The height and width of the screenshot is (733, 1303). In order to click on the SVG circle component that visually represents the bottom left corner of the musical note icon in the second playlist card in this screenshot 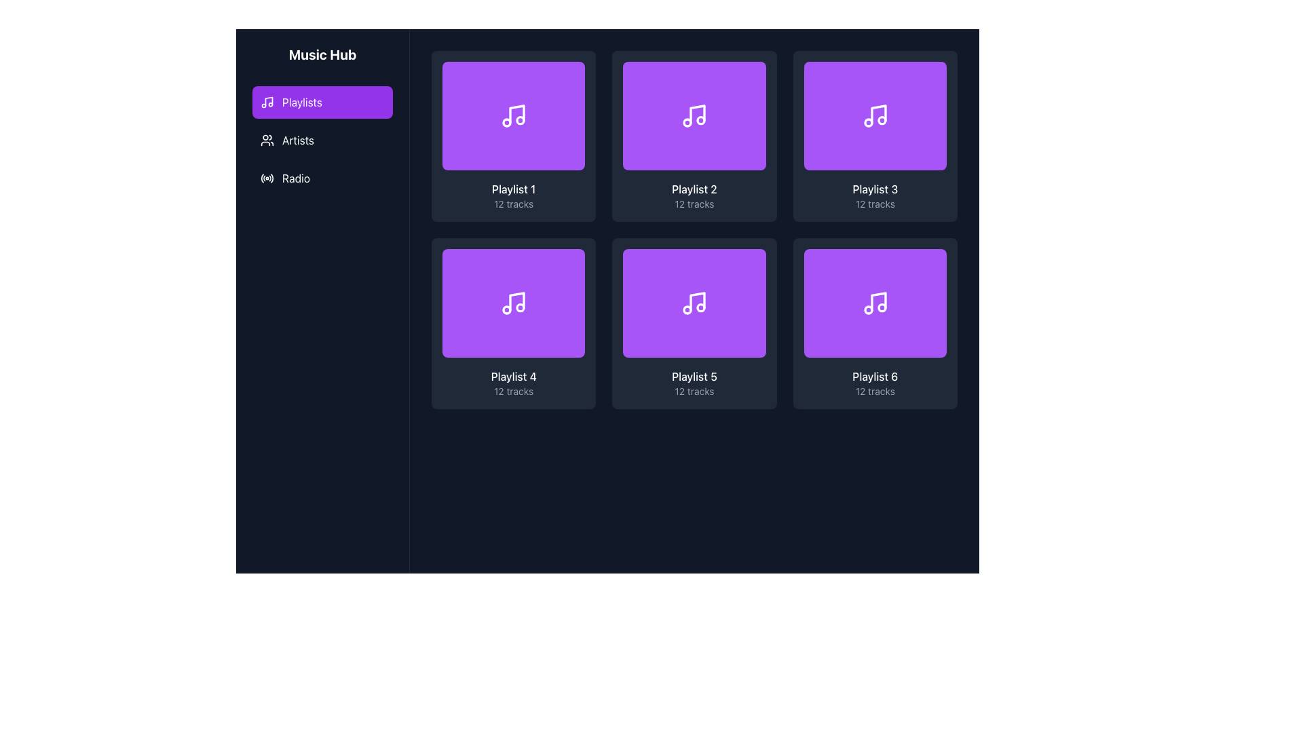, I will do `click(687, 123)`.